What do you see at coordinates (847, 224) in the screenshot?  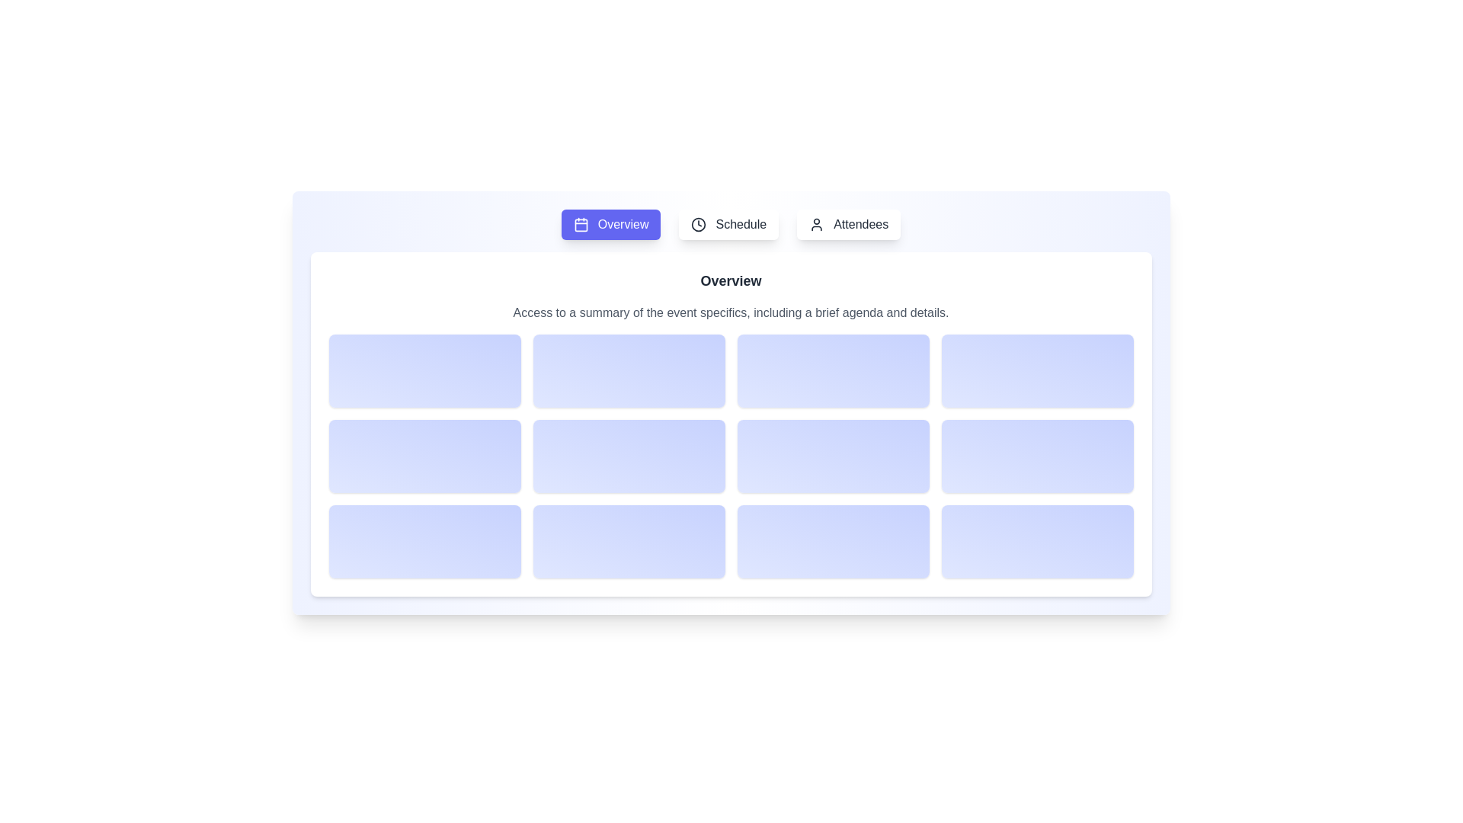 I see `the Attendees tab by clicking its button` at bounding box center [847, 224].